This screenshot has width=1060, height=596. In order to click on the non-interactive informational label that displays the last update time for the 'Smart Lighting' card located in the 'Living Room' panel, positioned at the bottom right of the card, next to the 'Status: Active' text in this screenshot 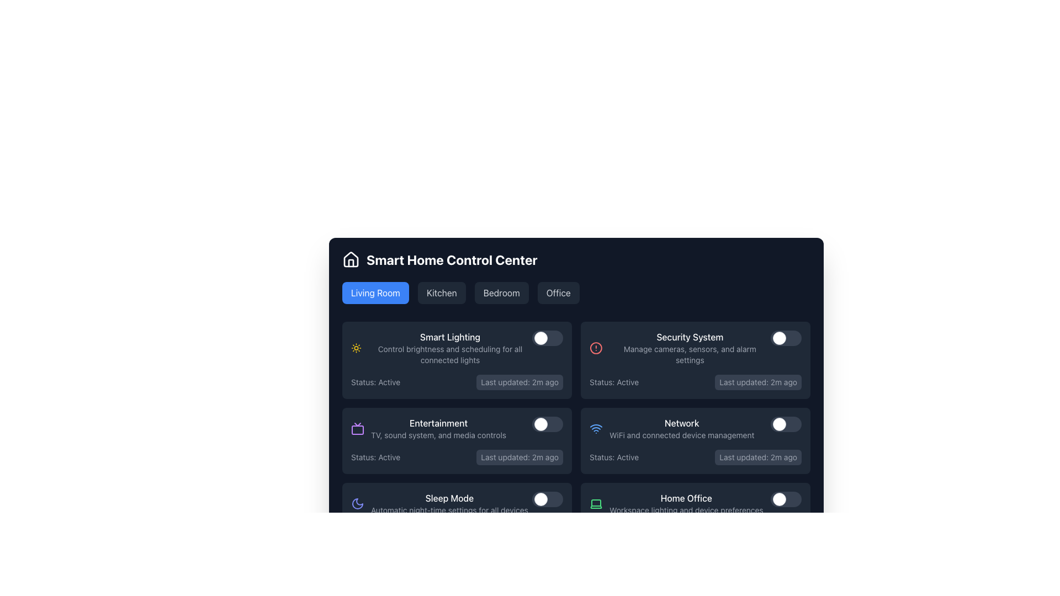, I will do `click(519, 382)`.